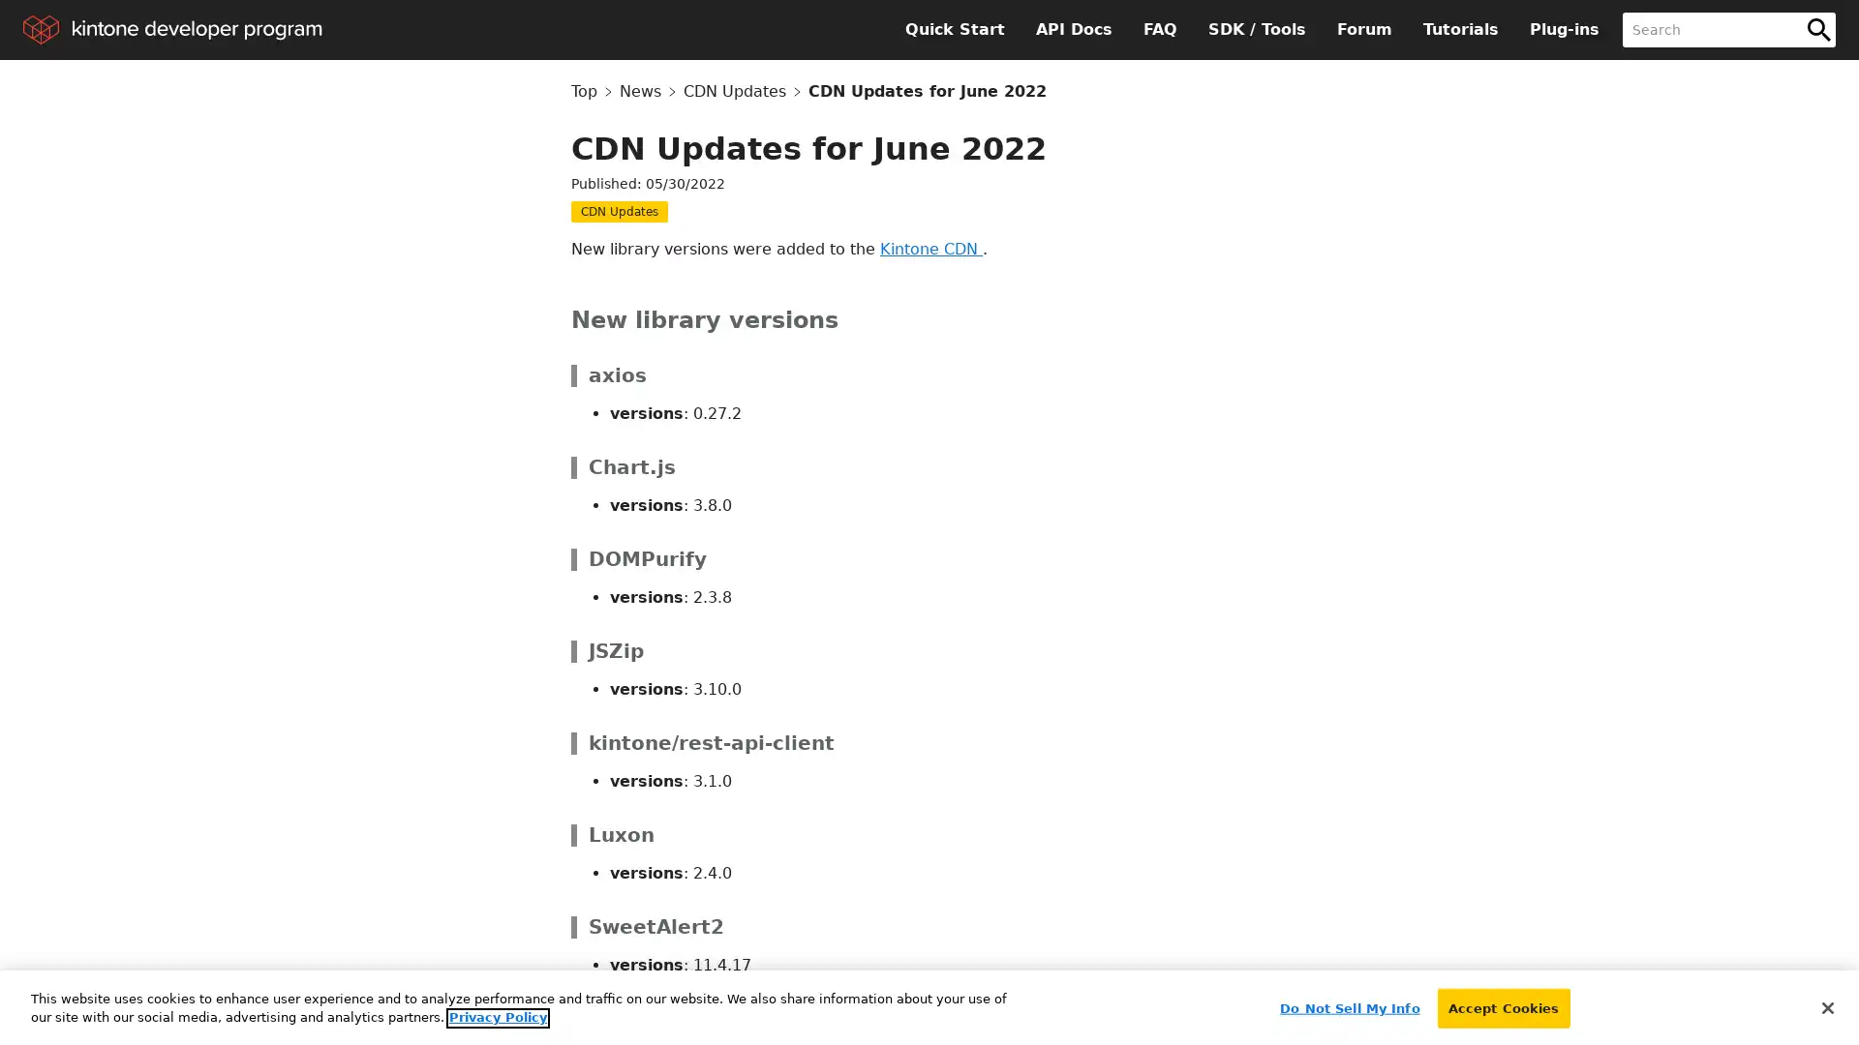 This screenshot has width=1859, height=1045. What do you see at coordinates (1348, 1002) in the screenshot?
I see `Do Not Sell My Info` at bounding box center [1348, 1002].